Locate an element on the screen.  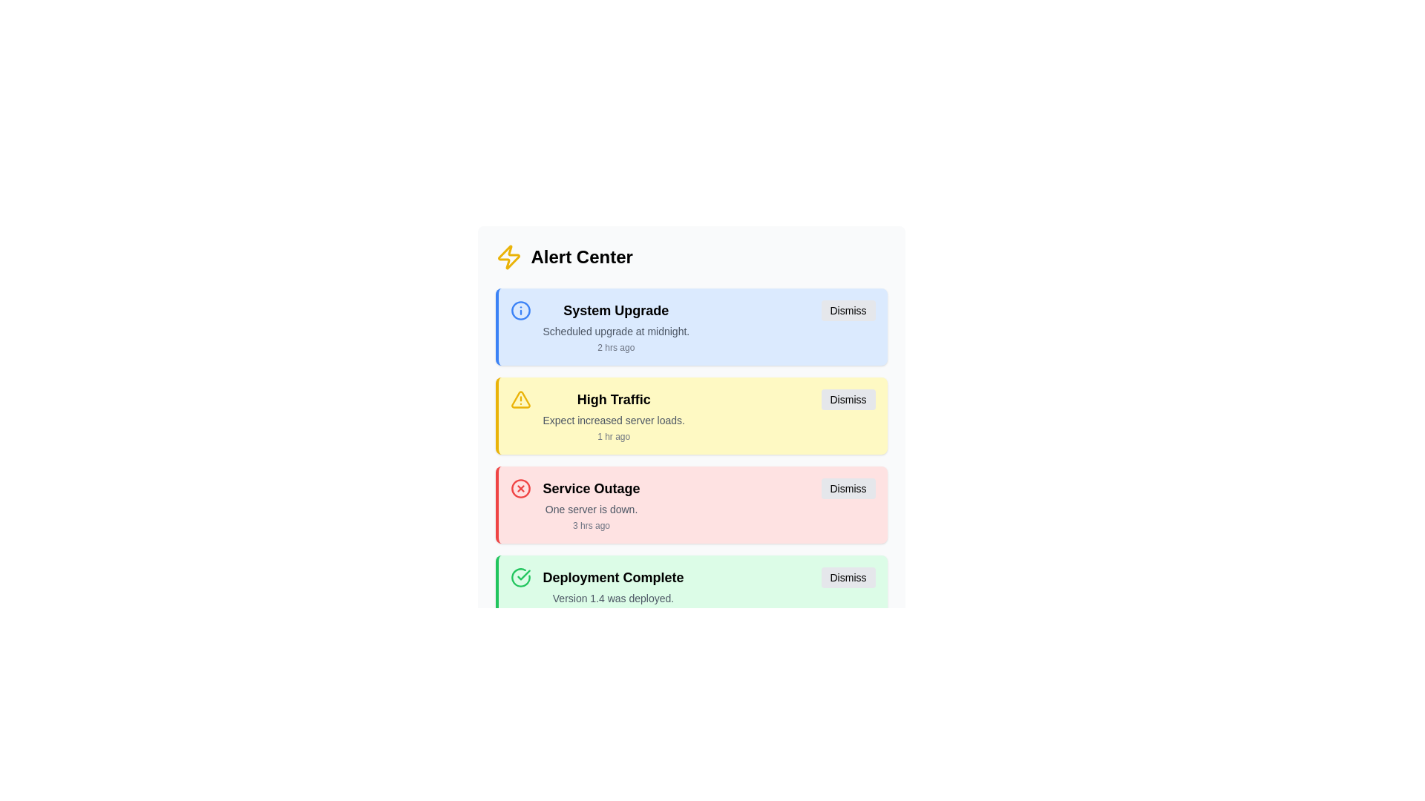
the yellow lightning bolt icon is located at coordinates (508, 257).